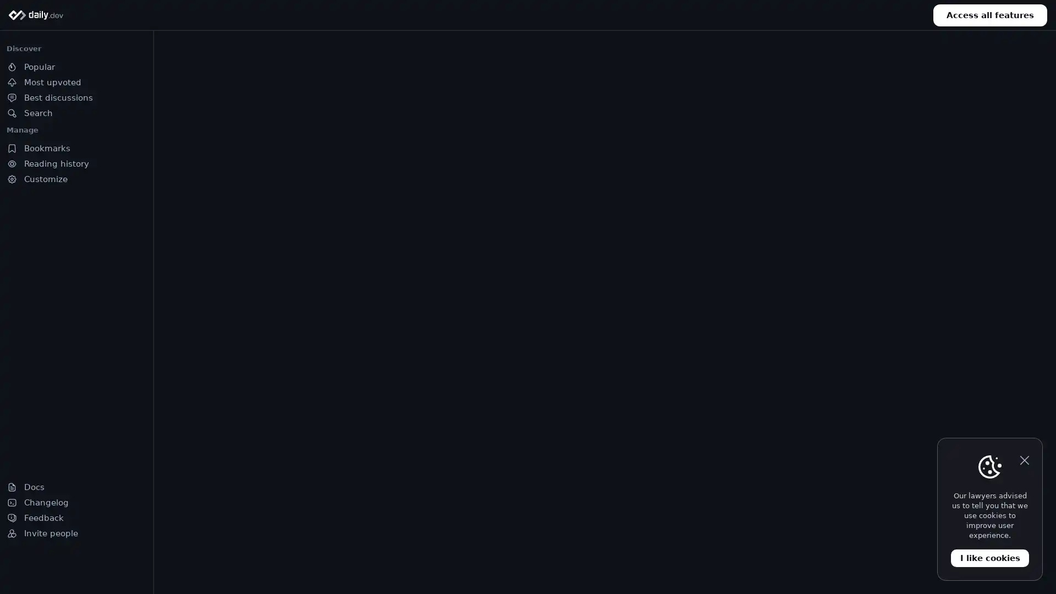  Describe the element at coordinates (65, 568) in the screenshot. I see `No rank Earn: 0/1 days` at that location.